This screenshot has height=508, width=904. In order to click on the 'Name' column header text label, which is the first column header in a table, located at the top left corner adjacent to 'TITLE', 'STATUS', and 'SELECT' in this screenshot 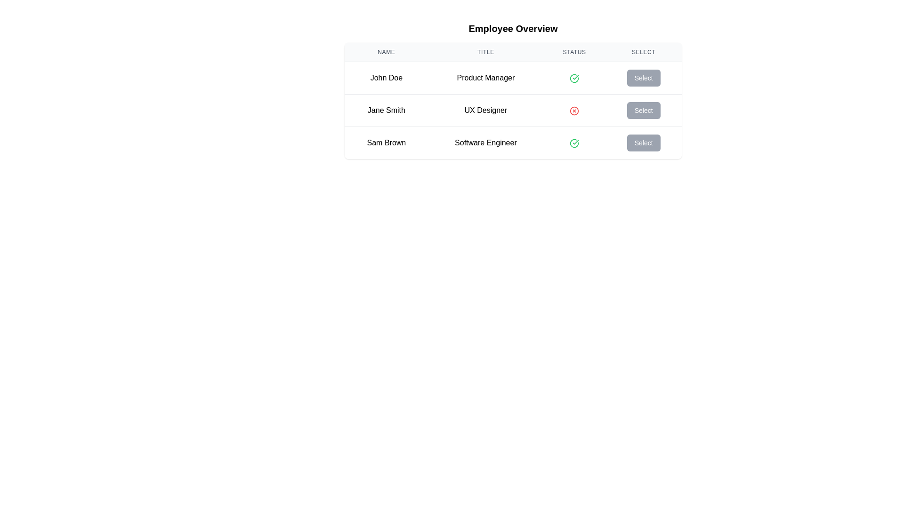, I will do `click(386, 52)`.